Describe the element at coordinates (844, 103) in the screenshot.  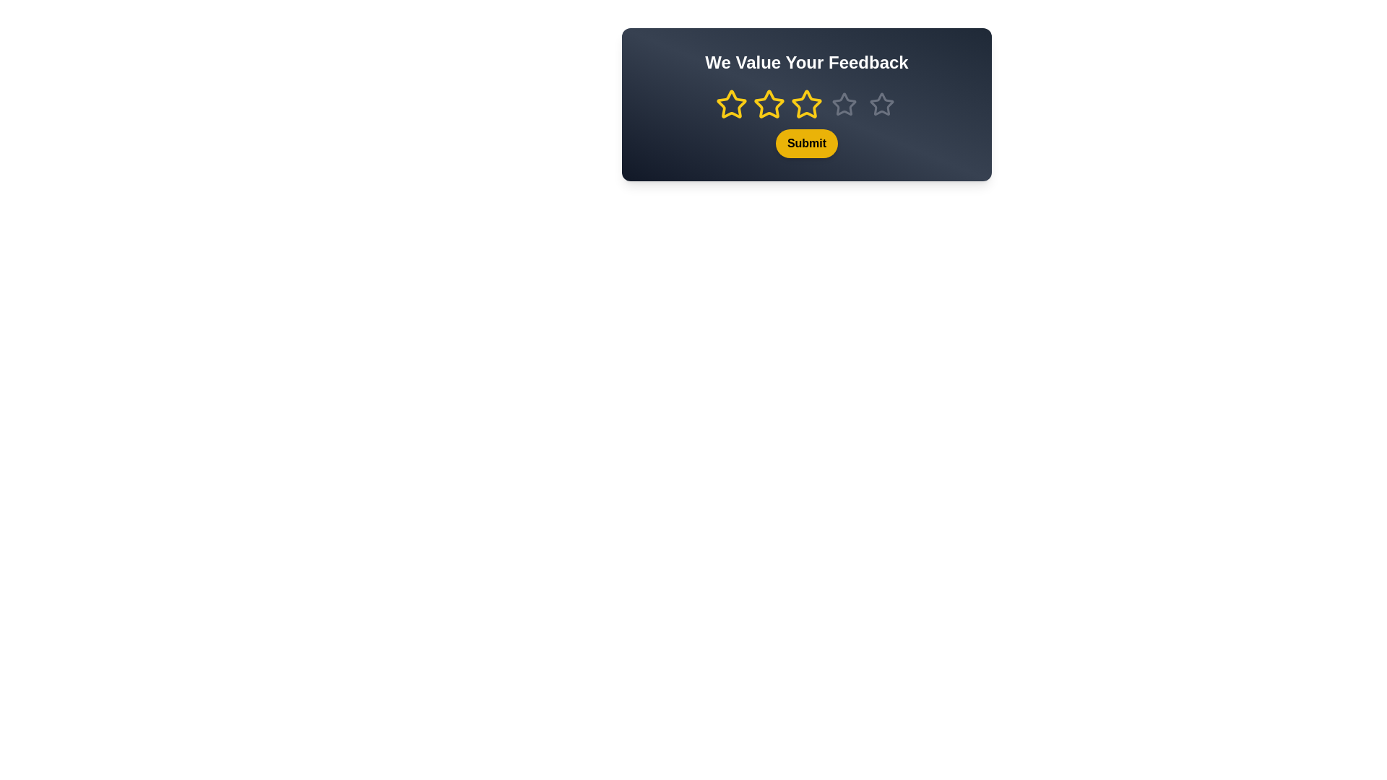
I see `the third SVG star icon in the rating system` at that location.